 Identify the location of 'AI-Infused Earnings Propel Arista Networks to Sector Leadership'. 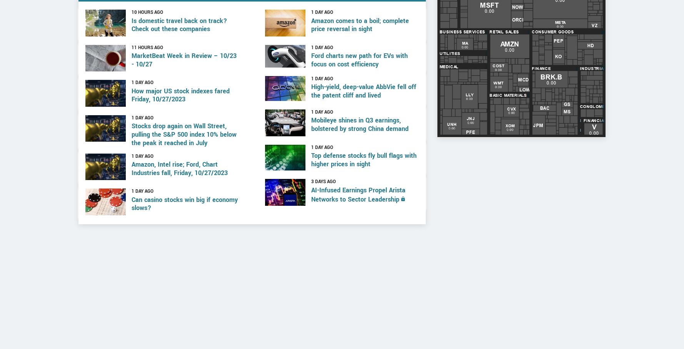
(358, 224).